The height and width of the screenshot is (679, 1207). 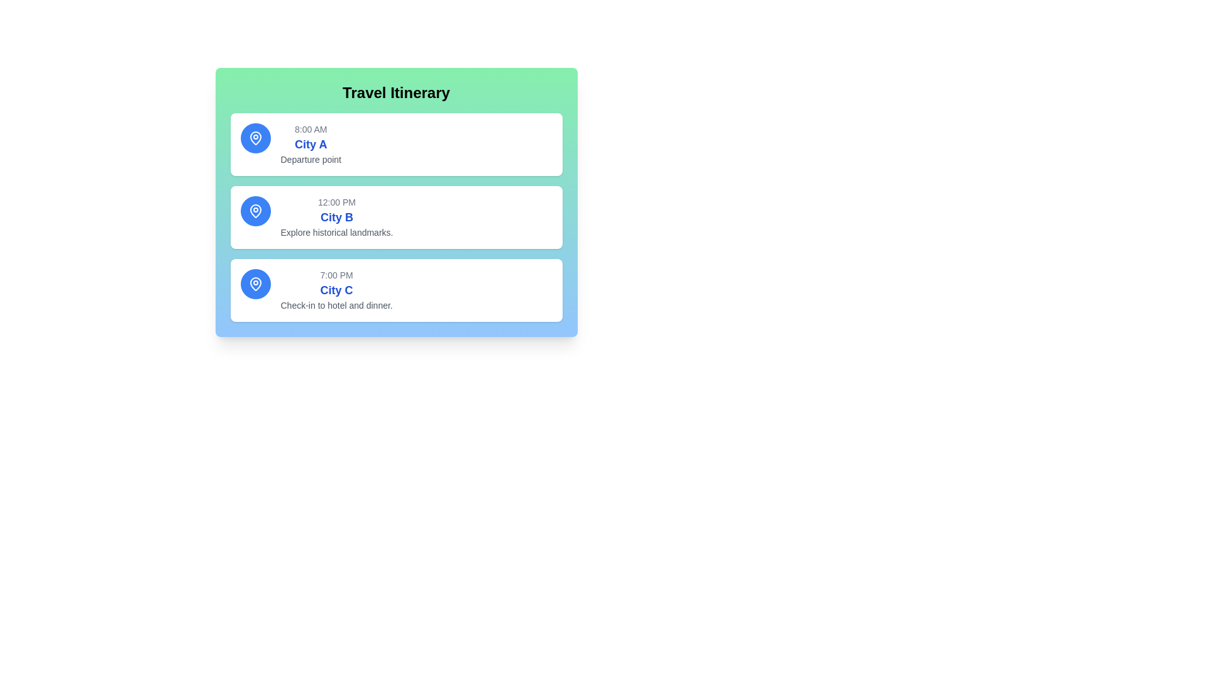 I want to click on the blue map pin icon with a white circular center located in the first itinerary card associated with 'City A', so click(x=255, y=284).